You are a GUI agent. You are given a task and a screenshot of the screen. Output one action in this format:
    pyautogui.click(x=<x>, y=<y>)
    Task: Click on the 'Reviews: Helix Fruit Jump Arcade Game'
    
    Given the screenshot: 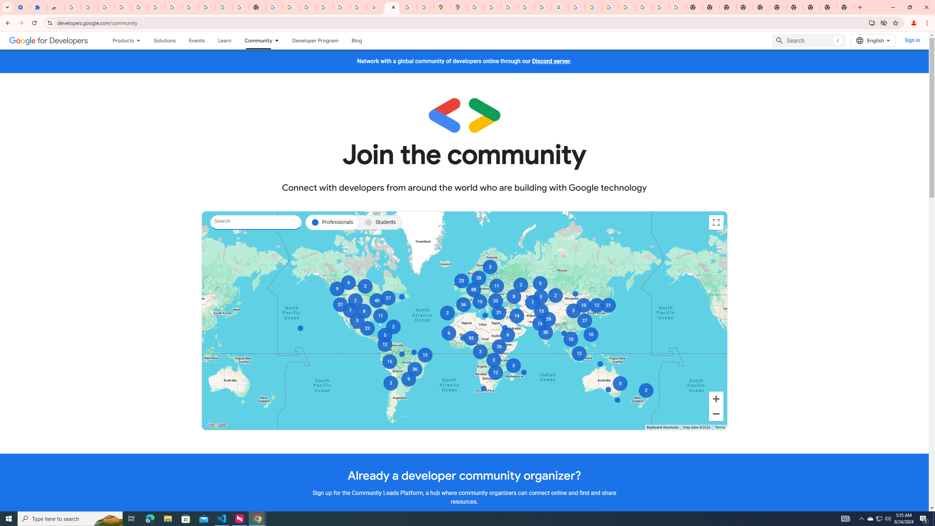 What is the action you would take?
    pyautogui.click(x=55, y=7)
    